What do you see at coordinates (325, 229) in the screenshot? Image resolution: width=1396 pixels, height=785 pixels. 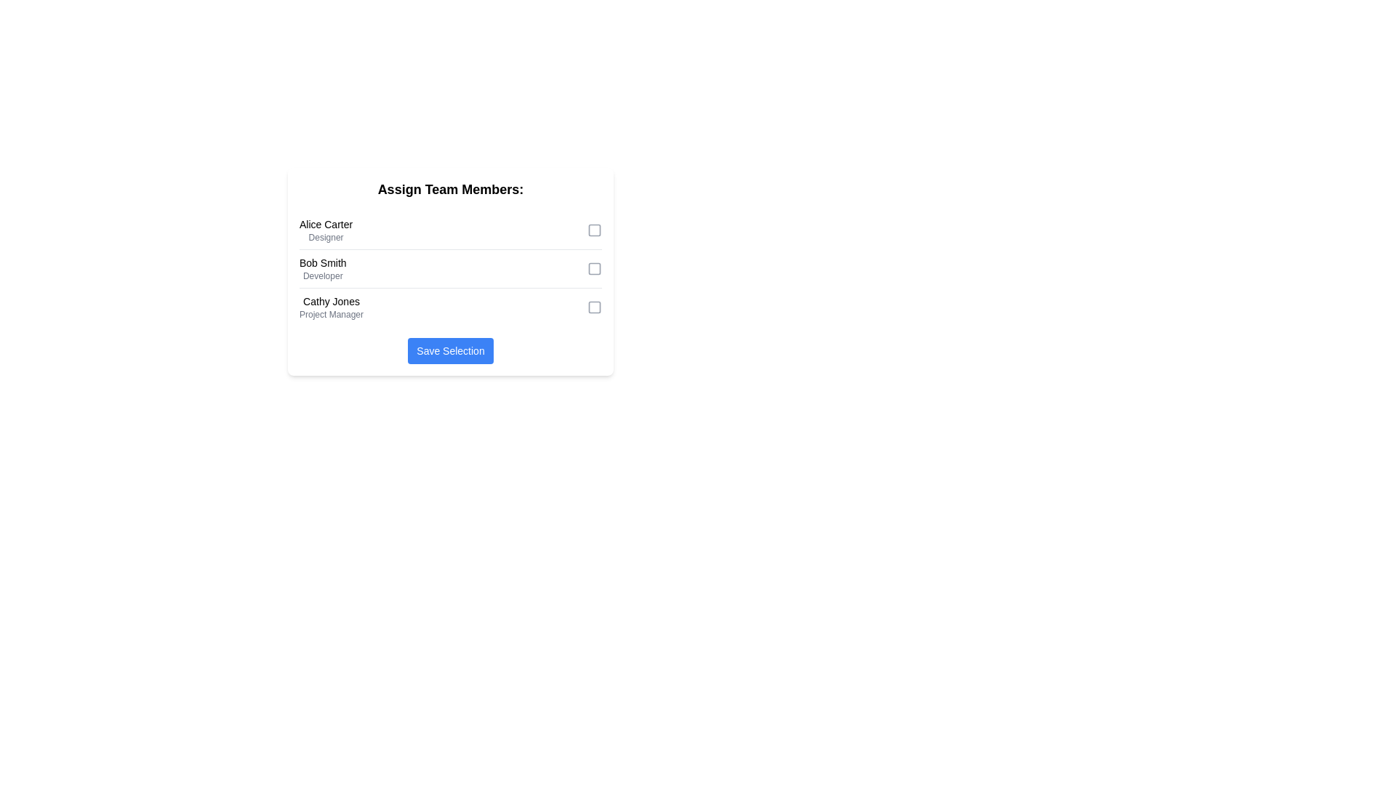 I see `the text display containing the name 'Alice Carter' and the role 'Designer', which is located in the first row under 'Assign Team Members:'` at bounding box center [325, 229].